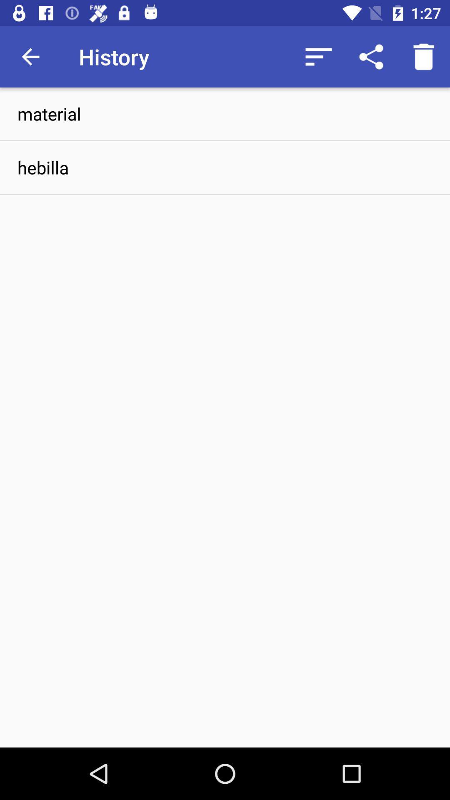  Describe the element at coordinates (225, 167) in the screenshot. I see `hebilla` at that location.